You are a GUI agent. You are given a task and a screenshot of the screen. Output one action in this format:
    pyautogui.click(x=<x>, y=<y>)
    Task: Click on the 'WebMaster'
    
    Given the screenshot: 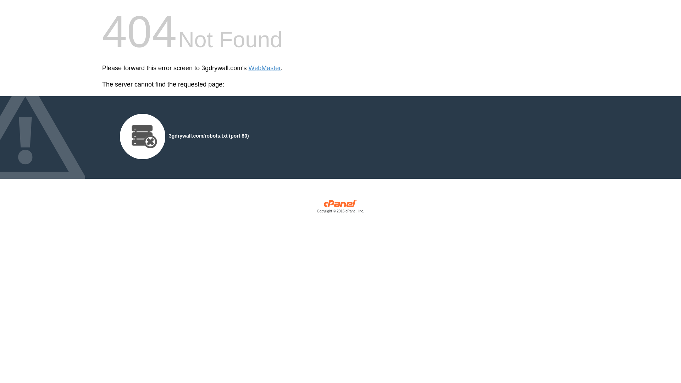 What is the action you would take?
    pyautogui.click(x=264, y=68)
    